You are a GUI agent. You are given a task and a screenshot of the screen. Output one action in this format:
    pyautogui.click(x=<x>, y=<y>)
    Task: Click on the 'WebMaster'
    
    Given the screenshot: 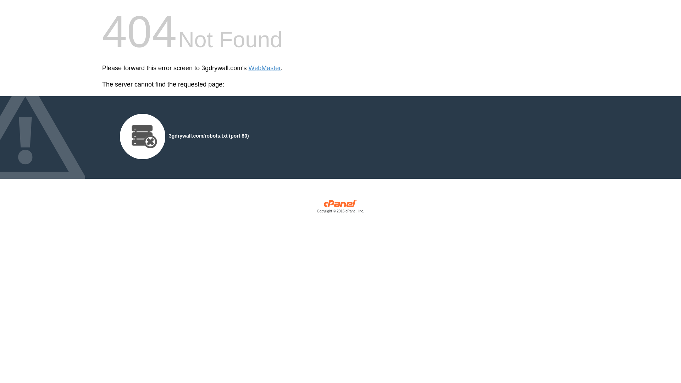 What is the action you would take?
    pyautogui.click(x=264, y=68)
    